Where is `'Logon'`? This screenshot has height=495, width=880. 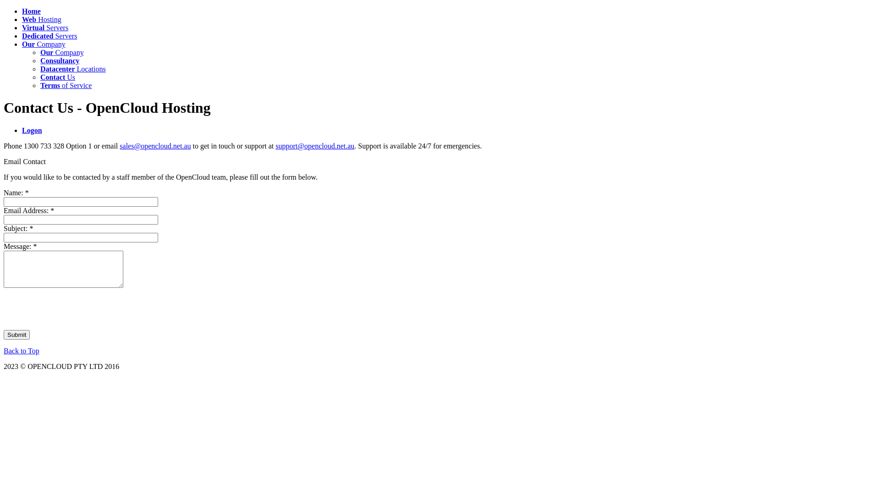 'Logon' is located at coordinates (32, 130).